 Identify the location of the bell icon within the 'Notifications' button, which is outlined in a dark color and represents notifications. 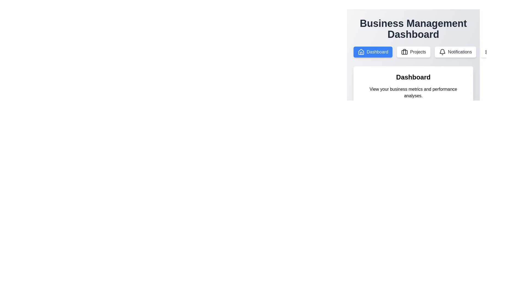
(442, 52).